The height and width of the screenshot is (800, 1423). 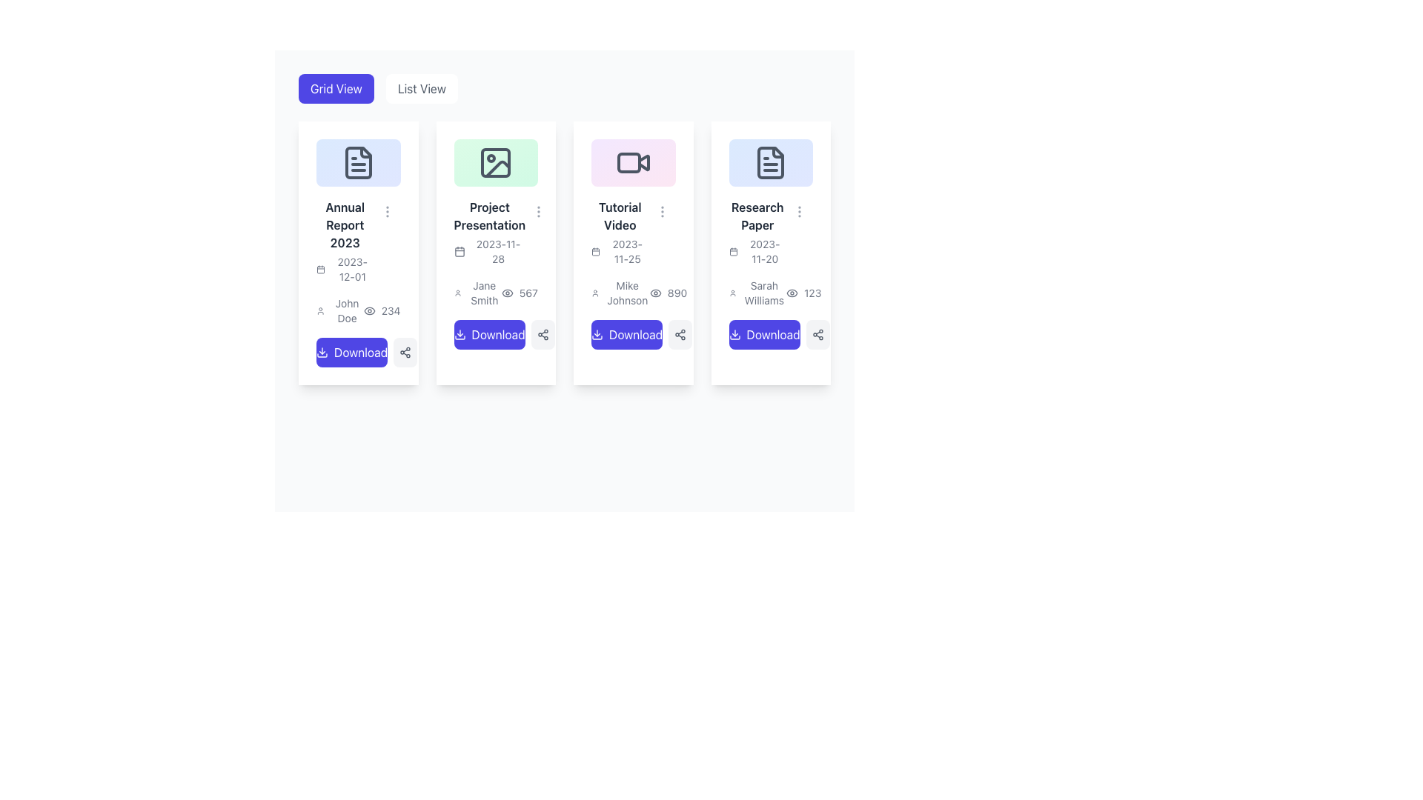 I want to click on the static text displaying the number '890', which is located in the third card from the left in the grid layout, adjacent to an eye icon, so click(x=677, y=293).